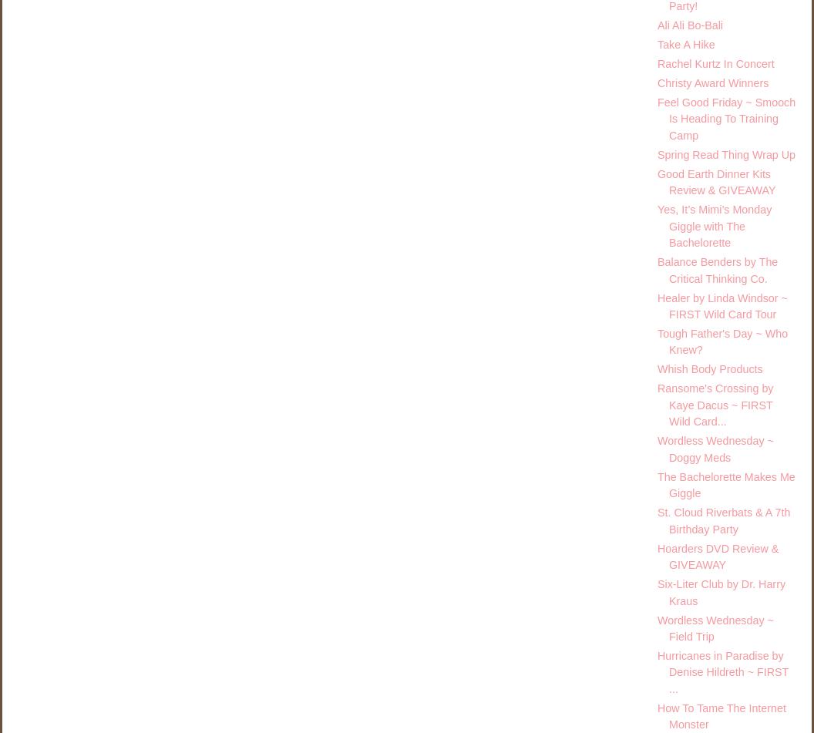 The image size is (814, 733). What do you see at coordinates (718, 555) in the screenshot?
I see `'Hoarders DVD Review & GIVEAWAY'` at bounding box center [718, 555].